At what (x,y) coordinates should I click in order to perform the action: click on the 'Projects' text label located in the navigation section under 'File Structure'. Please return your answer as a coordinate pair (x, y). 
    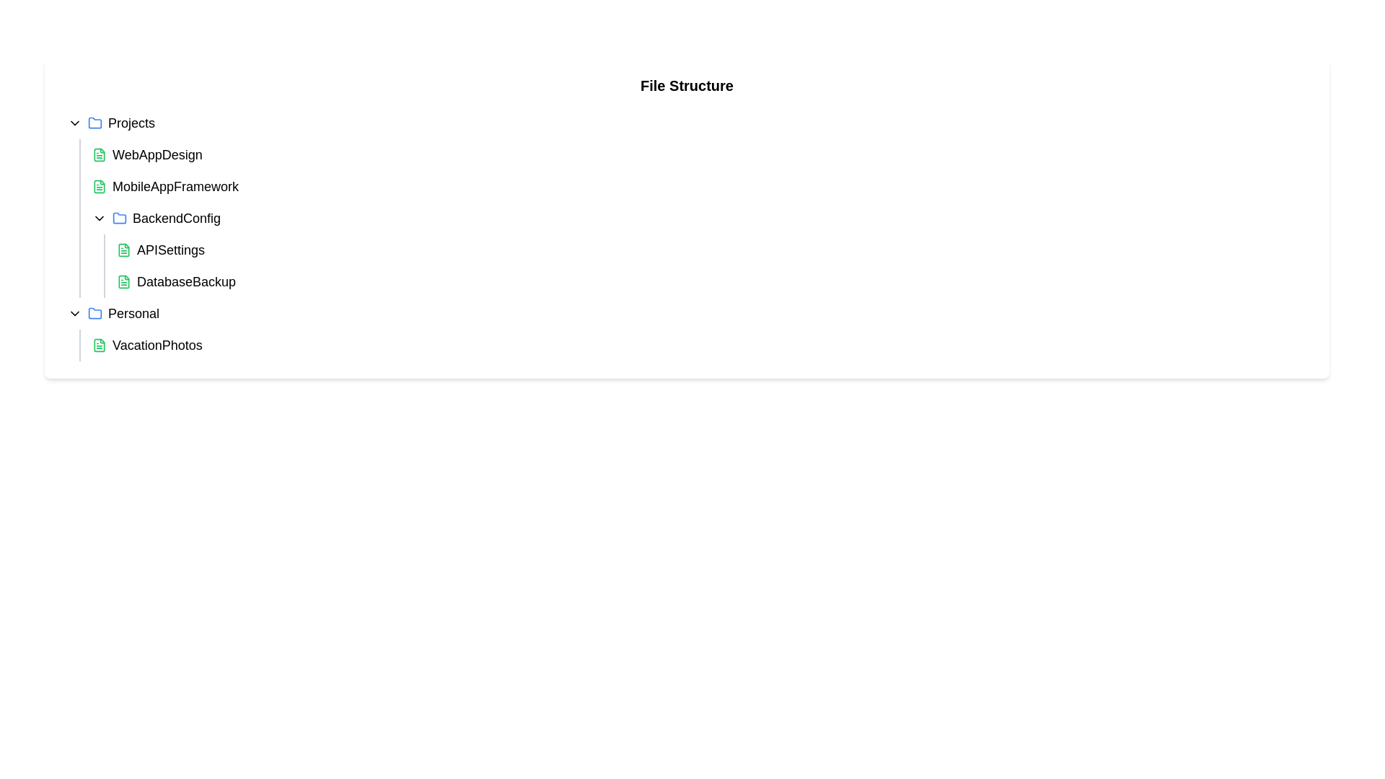
    Looking at the image, I should click on (131, 122).